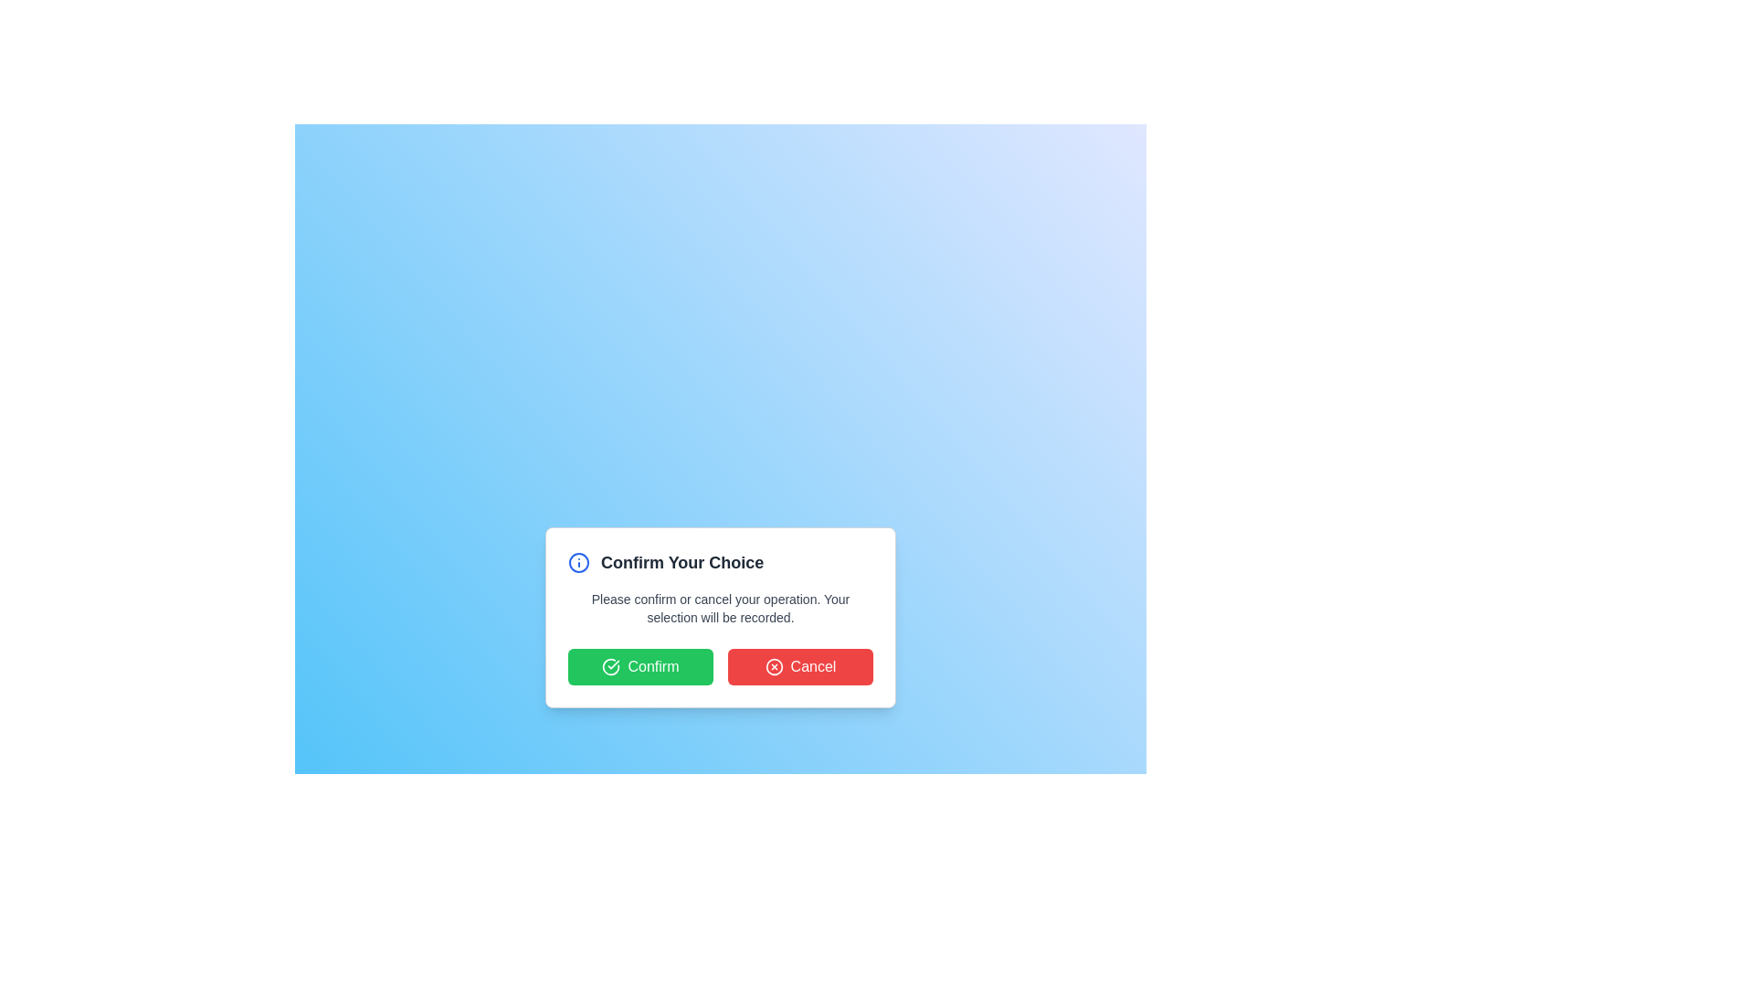 The image size is (1754, 987). What do you see at coordinates (611, 666) in the screenshot?
I see `the 'Confirm' button which is indicated by a circular icon with a checkmark and a green border, located at the bottom of a centered modal window` at bounding box center [611, 666].